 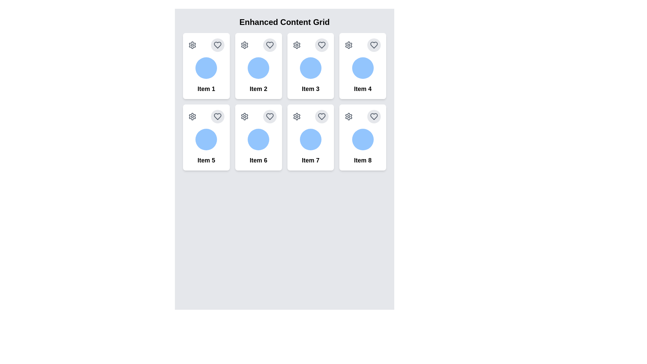 What do you see at coordinates (244, 45) in the screenshot?
I see `the settings icon located in the top-left corner of the card labeled 'Item 2'` at bounding box center [244, 45].